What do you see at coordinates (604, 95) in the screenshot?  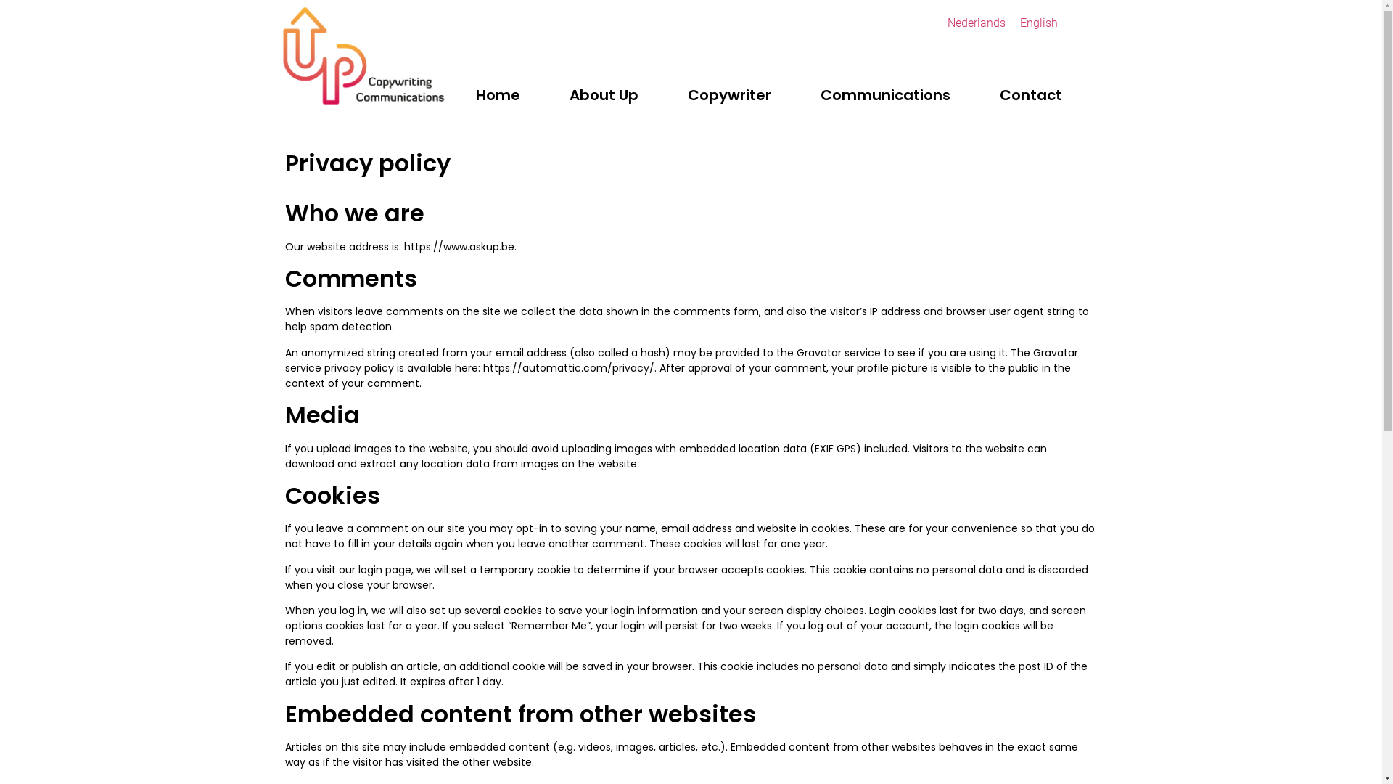 I see `'About Up'` at bounding box center [604, 95].